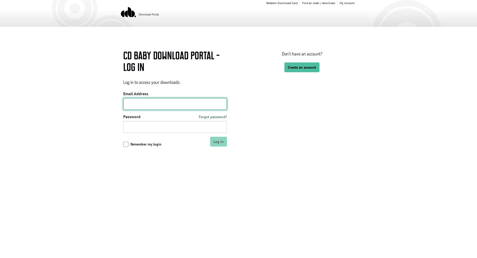 The height and width of the screenshot is (258, 477). What do you see at coordinates (318, 3) in the screenshot?
I see `'Find an order / download'` at bounding box center [318, 3].